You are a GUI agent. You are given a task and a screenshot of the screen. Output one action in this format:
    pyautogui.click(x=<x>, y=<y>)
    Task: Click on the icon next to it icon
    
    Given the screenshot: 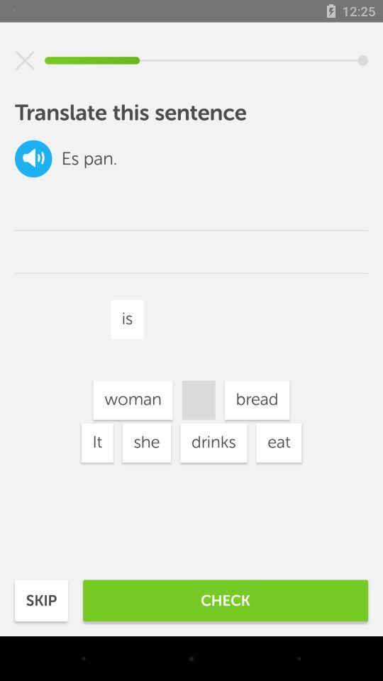 What is the action you would take?
    pyautogui.click(x=145, y=442)
    